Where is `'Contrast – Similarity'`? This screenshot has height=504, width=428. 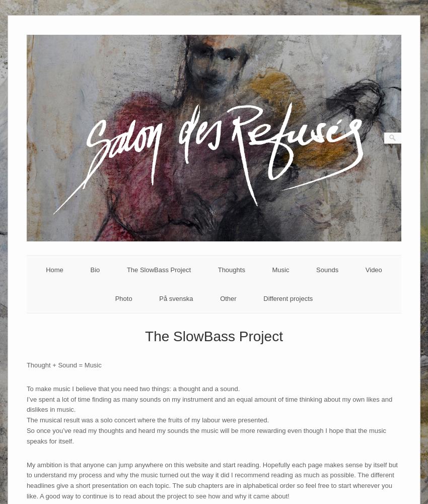
'Contrast – Similarity' is located at coordinates (311, 325).